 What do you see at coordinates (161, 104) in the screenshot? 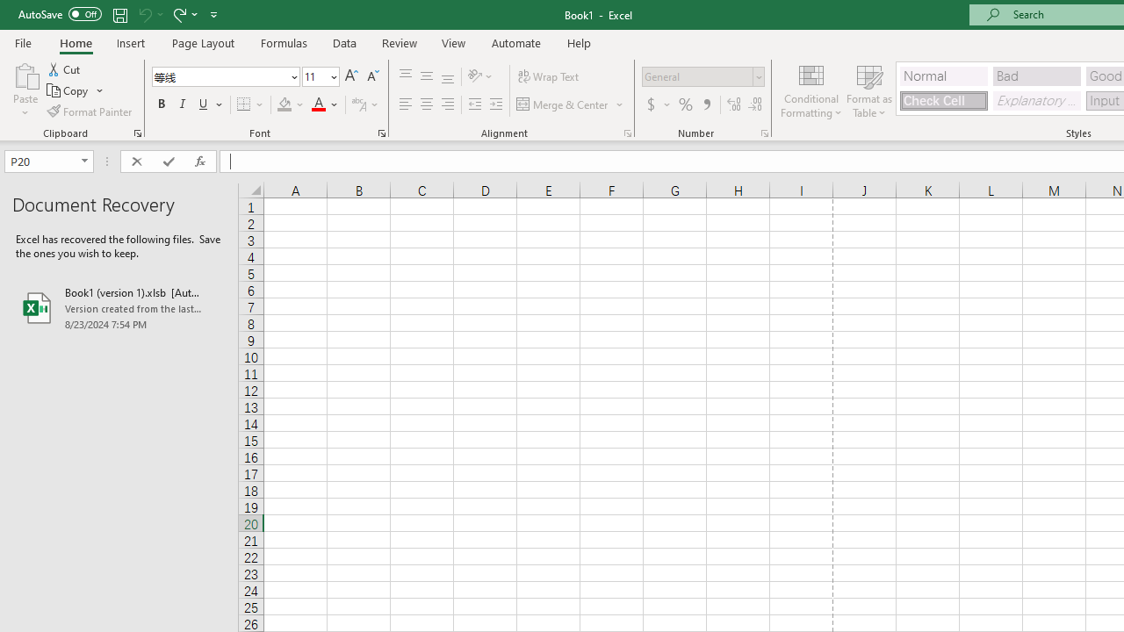
I see `'Bold'` at bounding box center [161, 104].